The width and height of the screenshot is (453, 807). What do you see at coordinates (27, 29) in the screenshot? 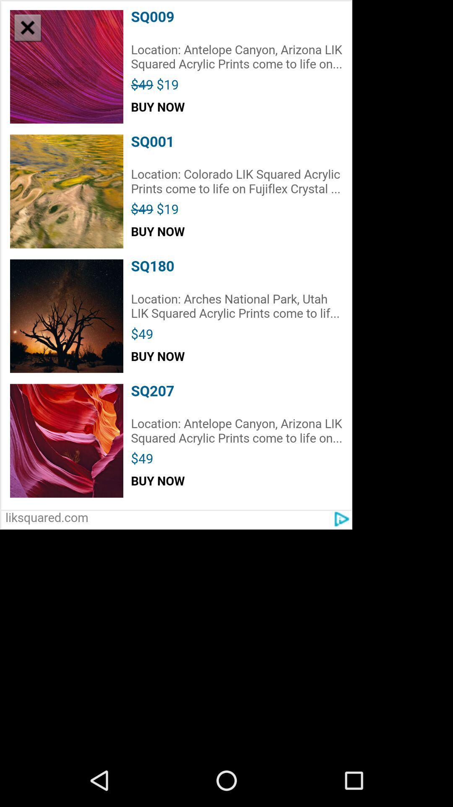
I see `the close icon` at bounding box center [27, 29].